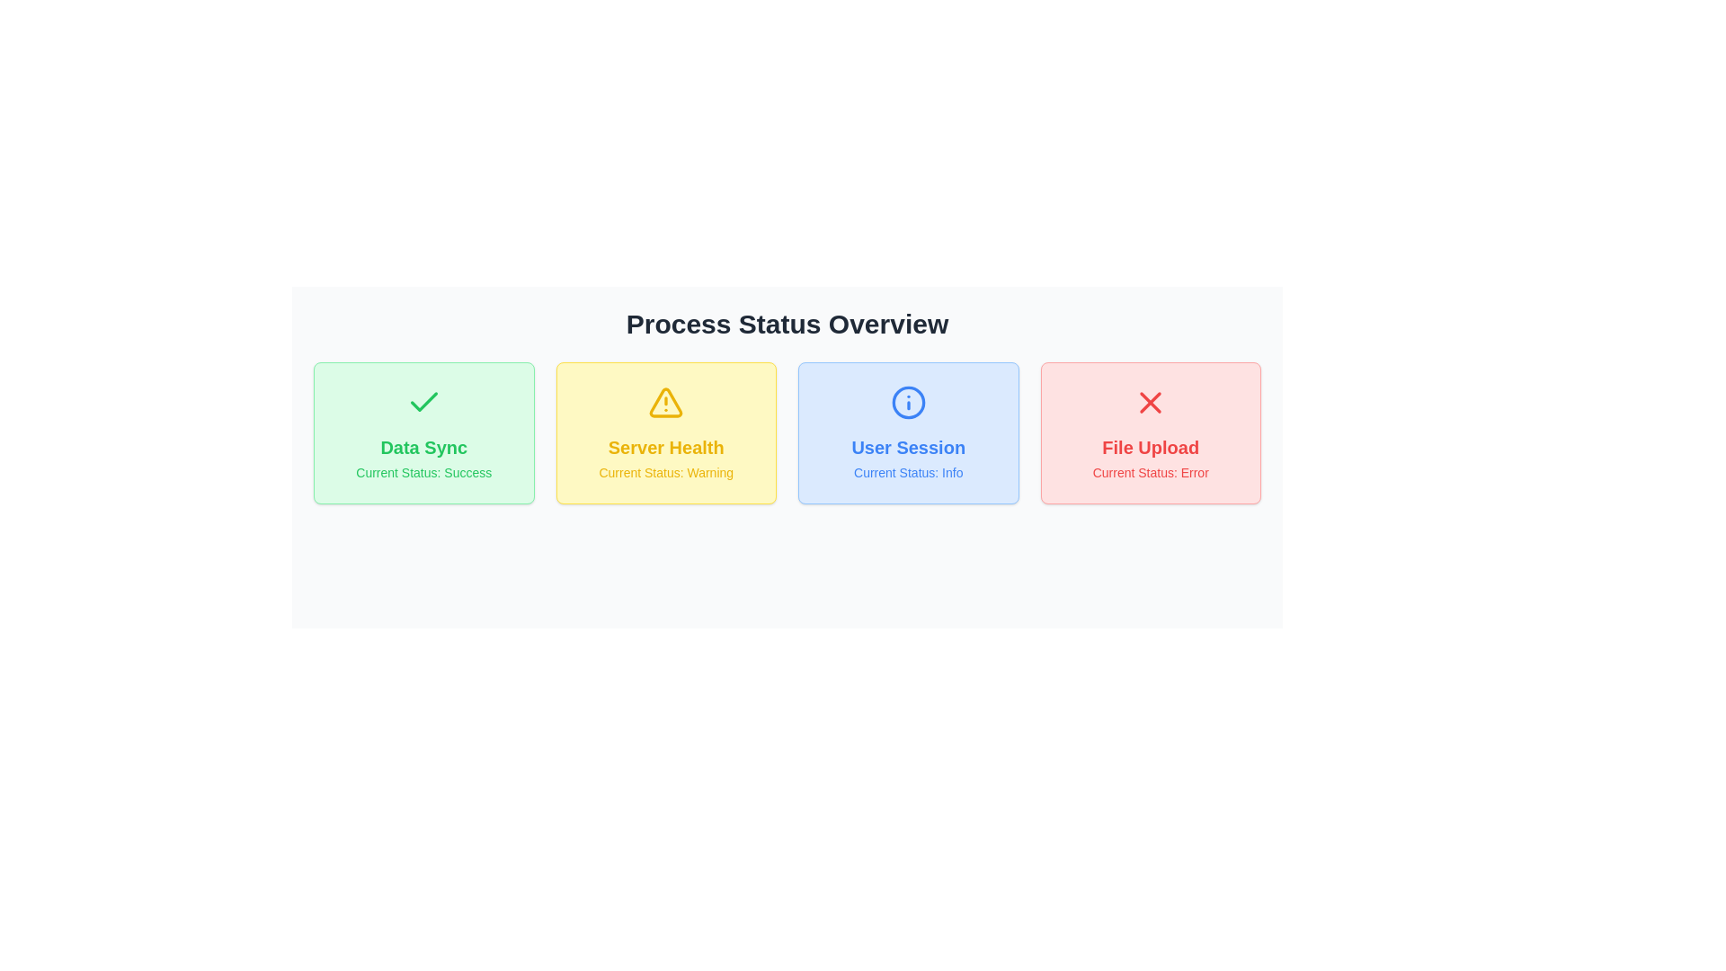  I want to click on the text label displaying 'Current Status: Success', which is styled in a smaller font size and light green color, located at the bottom of the 'Data Sync' card, so click(423, 471).